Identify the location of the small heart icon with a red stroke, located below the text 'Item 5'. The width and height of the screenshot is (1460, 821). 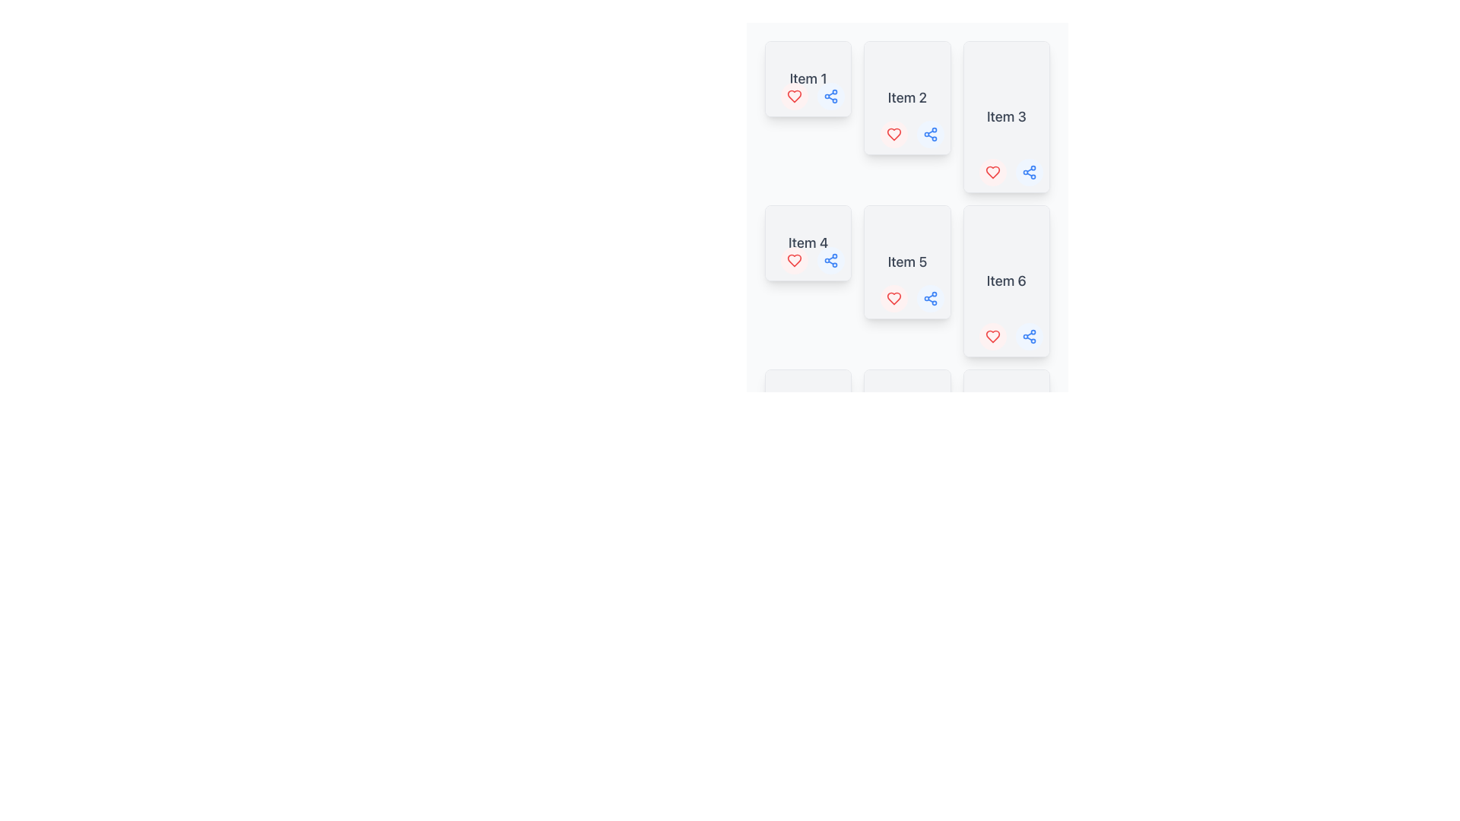
(893, 299).